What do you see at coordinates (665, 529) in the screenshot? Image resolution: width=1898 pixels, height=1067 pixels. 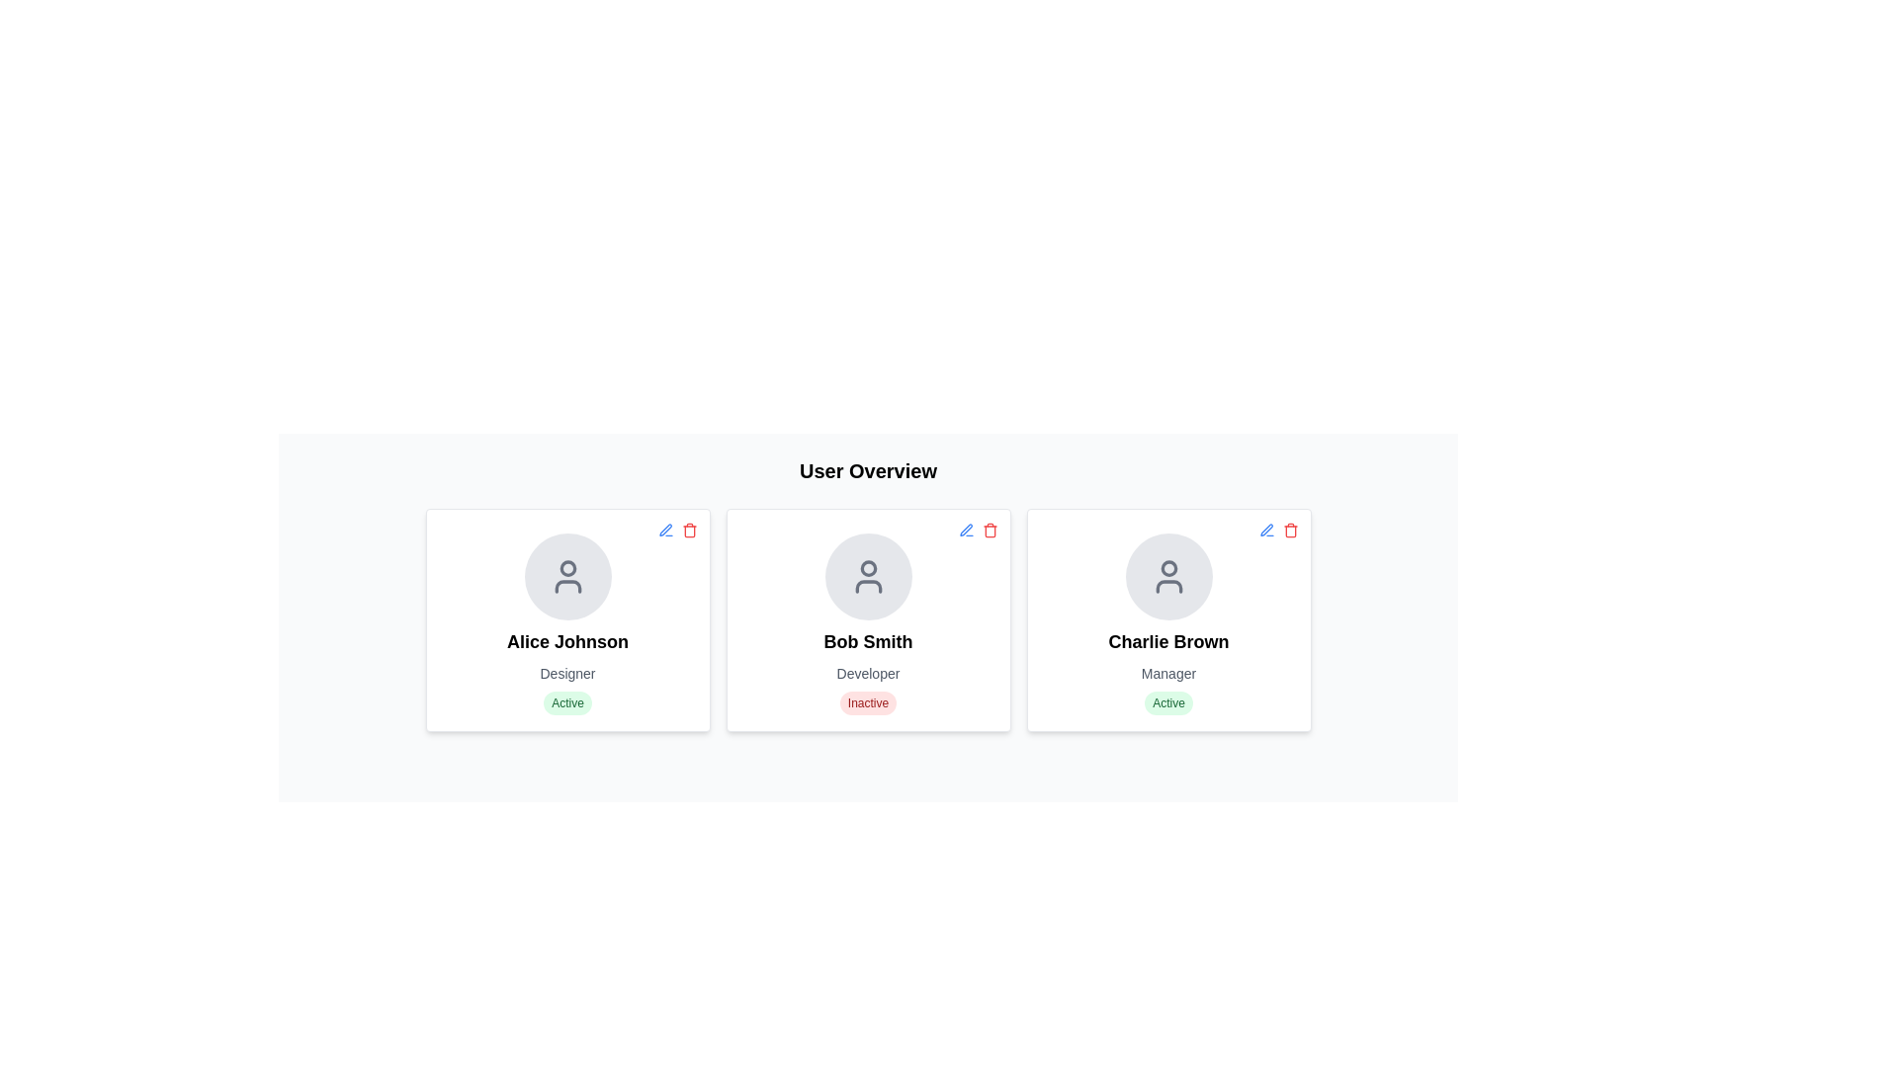 I see `the edit action button located at the top-right corner of the card labeled 'Alice Johnson'` at bounding box center [665, 529].